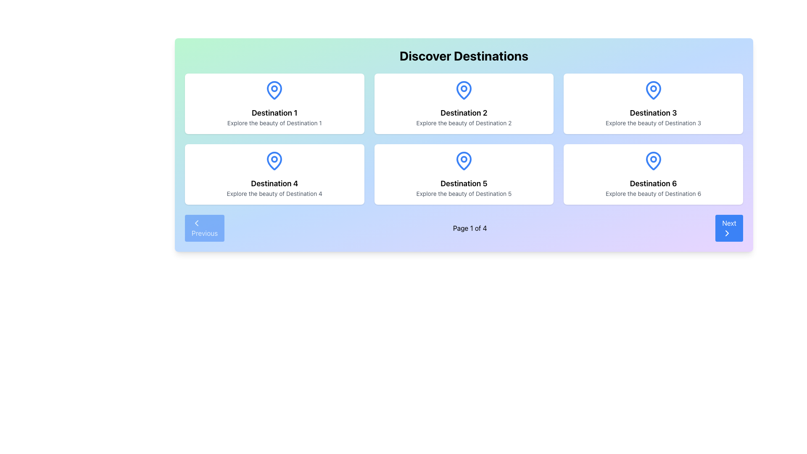 This screenshot has height=454, width=807. What do you see at coordinates (727, 233) in the screenshot?
I see `the right-pointing chevron-shaped icon within the 'Next' button located at the bottom-right corner of the interface` at bounding box center [727, 233].